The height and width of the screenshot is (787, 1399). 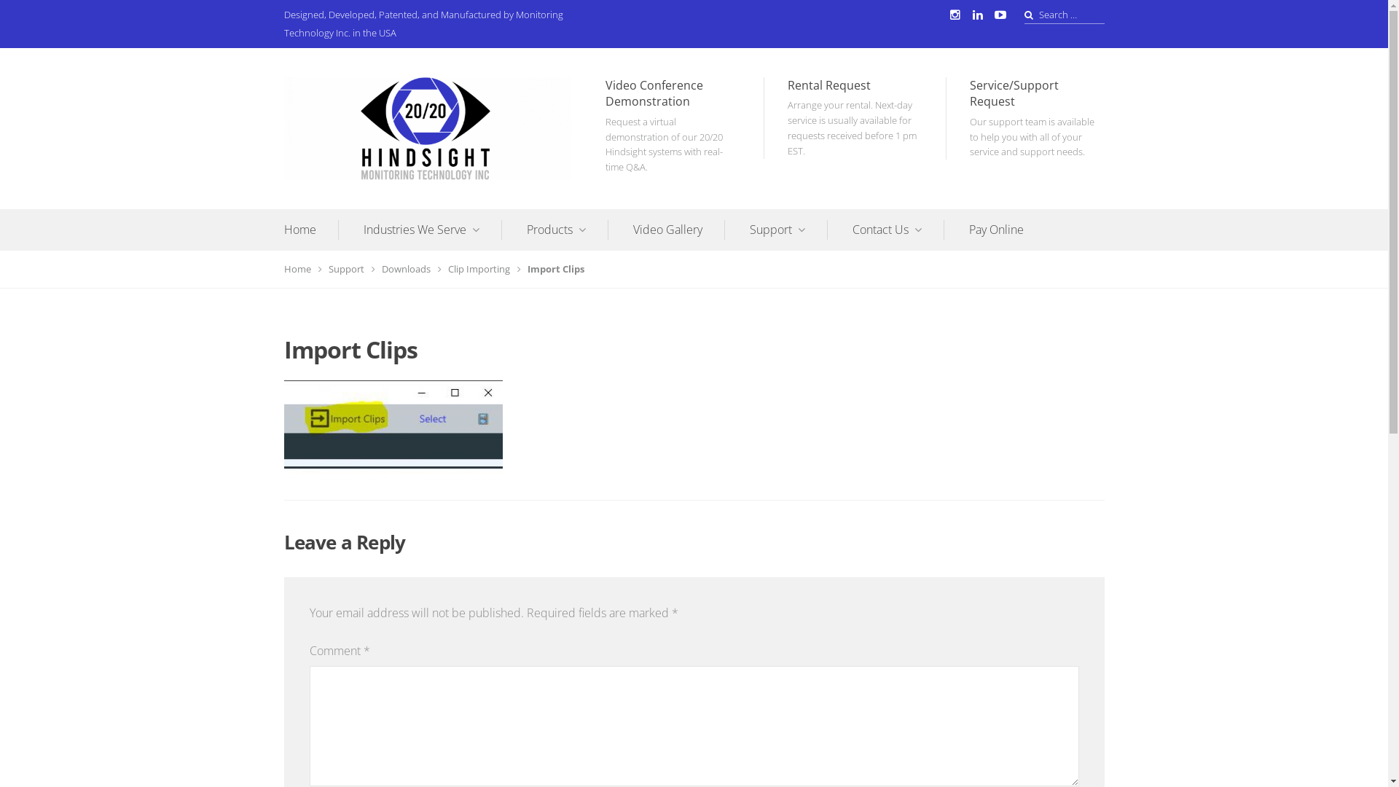 What do you see at coordinates (955, 15) in the screenshot?
I see `'Instagram'` at bounding box center [955, 15].